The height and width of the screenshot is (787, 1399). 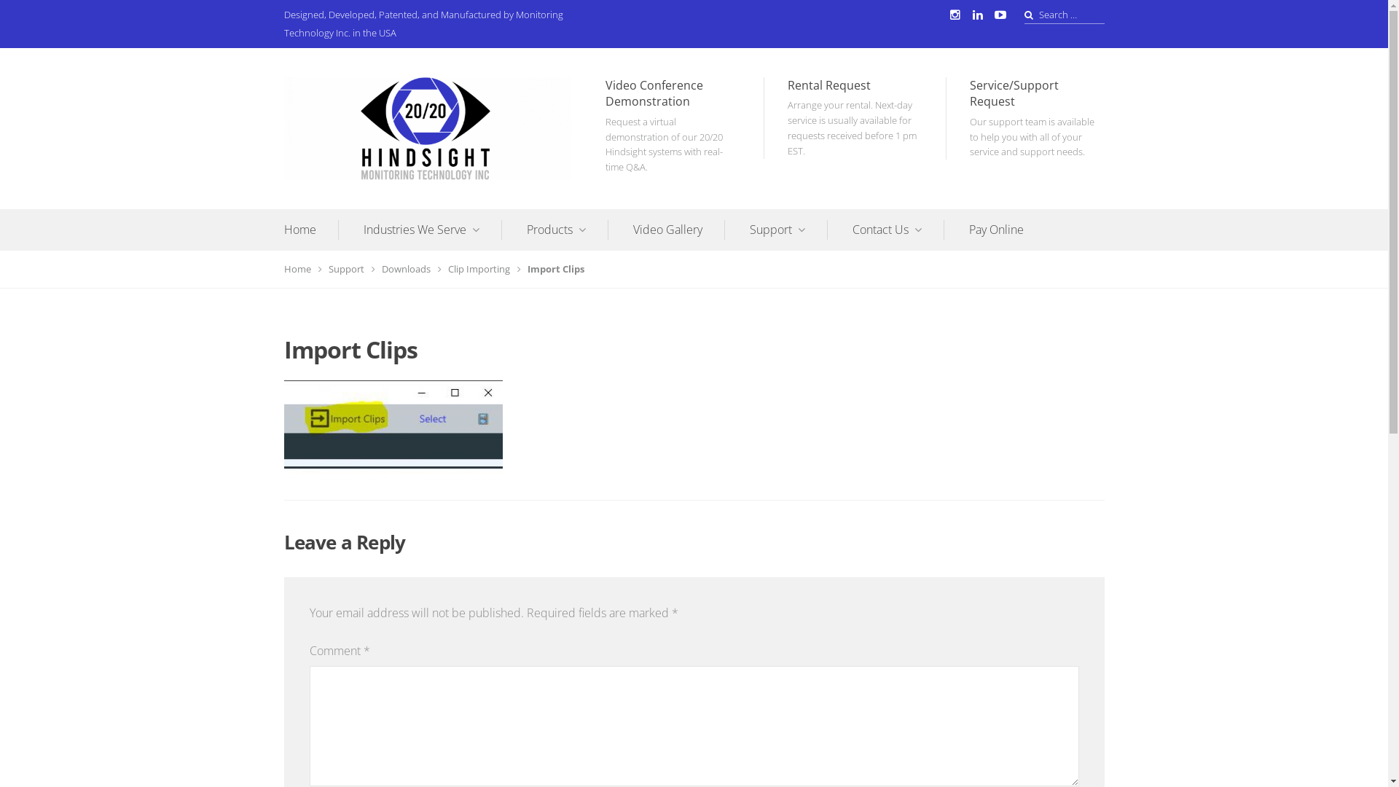 What do you see at coordinates (955, 15) in the screenshot?
I see `'Instagram'` at bounding box center [955, 15].